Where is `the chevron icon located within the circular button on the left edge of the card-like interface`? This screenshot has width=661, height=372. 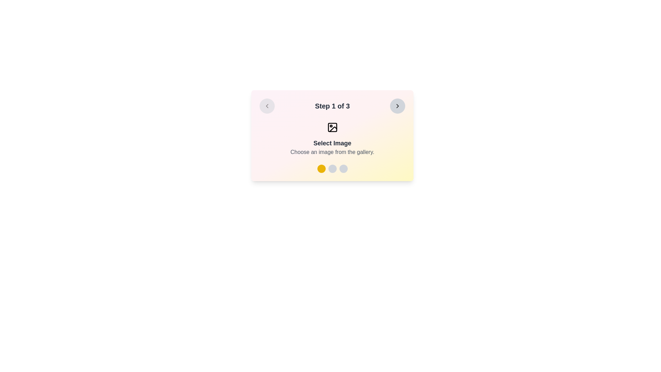 the chevron icon located within the circular button on the left edge of the card-like interface is located at coordinates (267, 106).